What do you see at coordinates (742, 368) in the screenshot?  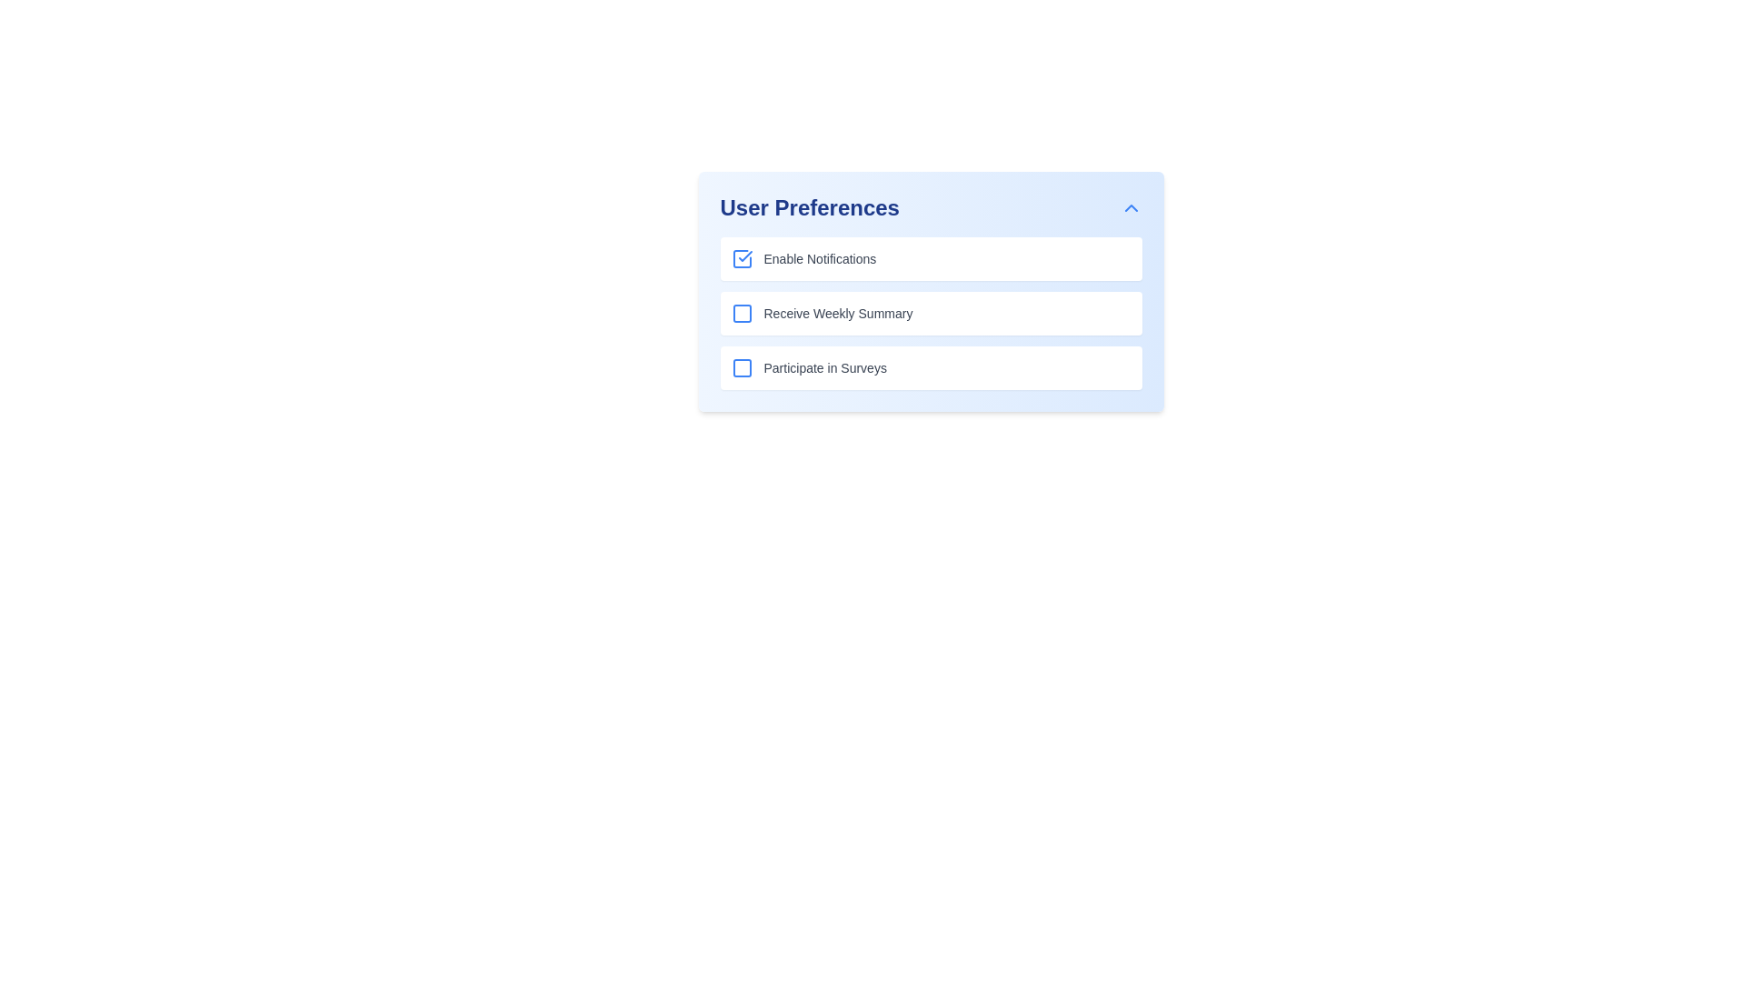 I see `the inner rectangle of the checkbox for the 'Participate in Surveys' preference` at bounding box center [742, 368].